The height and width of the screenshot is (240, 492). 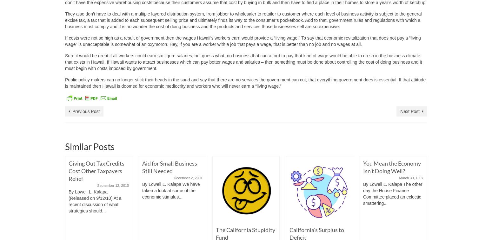 I want to click on 'Previous', so click(x=73, y=223).